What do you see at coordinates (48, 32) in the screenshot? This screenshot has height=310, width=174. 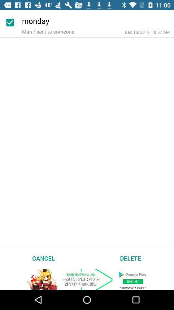 I see `icon next to dec 18 2016 item` at bounding box center [48, 32].